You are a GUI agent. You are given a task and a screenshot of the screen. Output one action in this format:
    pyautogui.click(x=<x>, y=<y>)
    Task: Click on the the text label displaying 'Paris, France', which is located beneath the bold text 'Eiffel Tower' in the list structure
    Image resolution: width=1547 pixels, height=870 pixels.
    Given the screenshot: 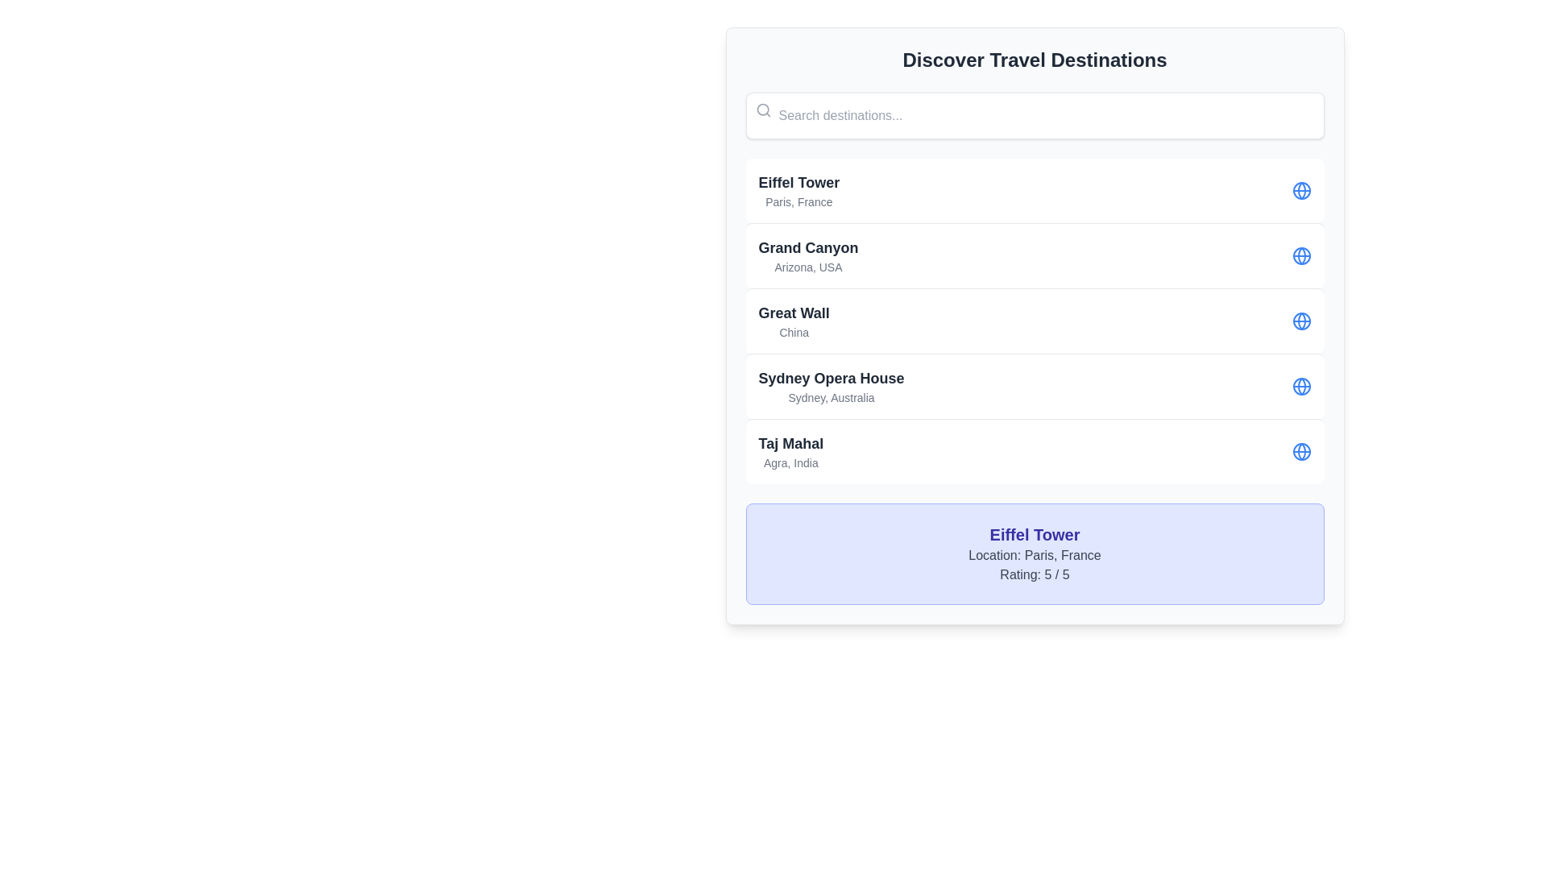 What is the action you would take?
    pyautogui.click(x=798, y=201)
    